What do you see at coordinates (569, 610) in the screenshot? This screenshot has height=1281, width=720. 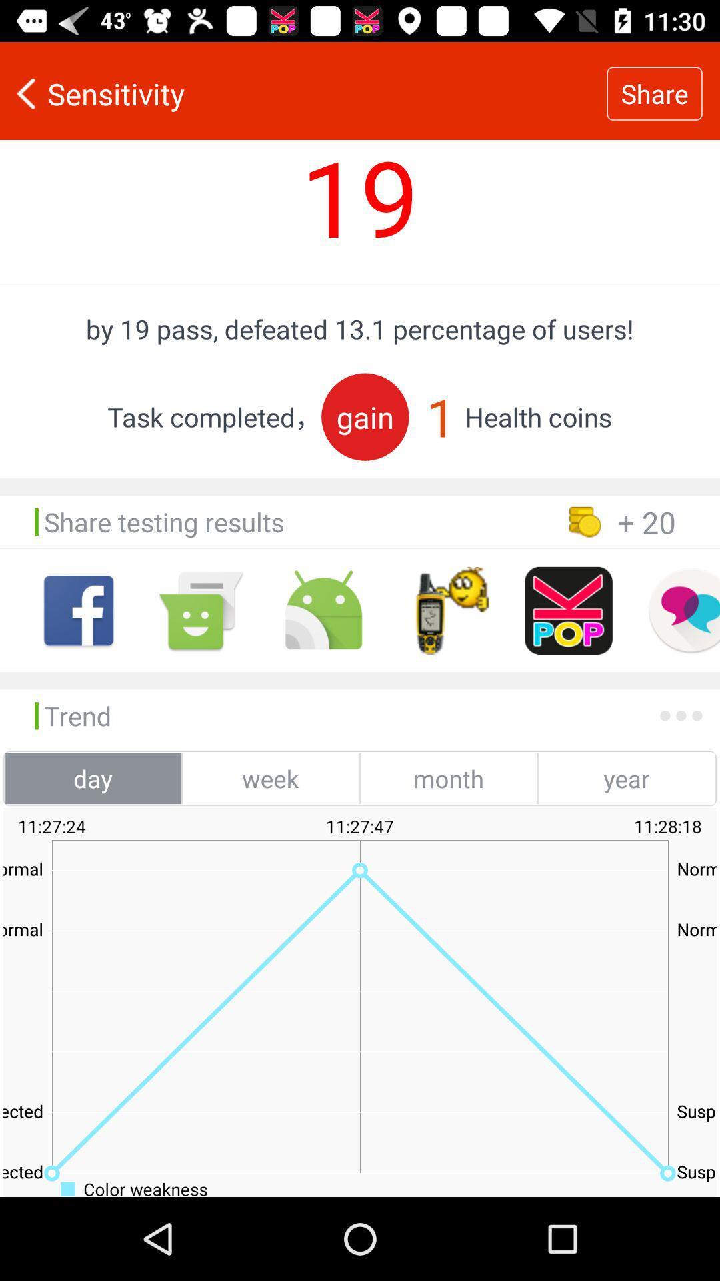 I see `share testing result on platform` at bounding box center [569, 610].